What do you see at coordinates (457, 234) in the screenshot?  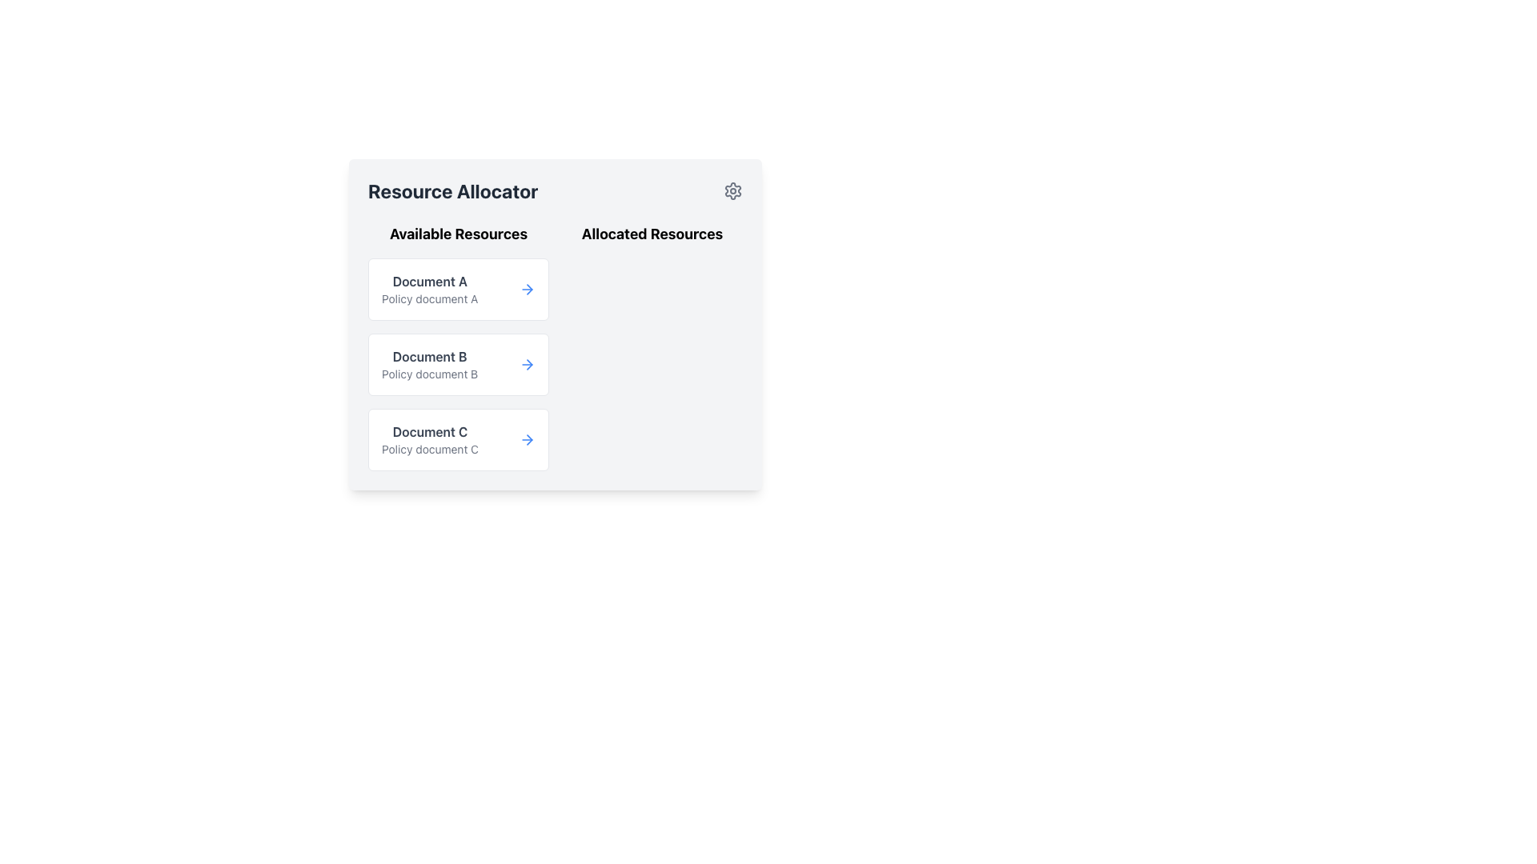 I see `text from the Static Text Label located above the list of documents in the left partition of the 'Resource Allocator' section` at bounding box center [457, 234].